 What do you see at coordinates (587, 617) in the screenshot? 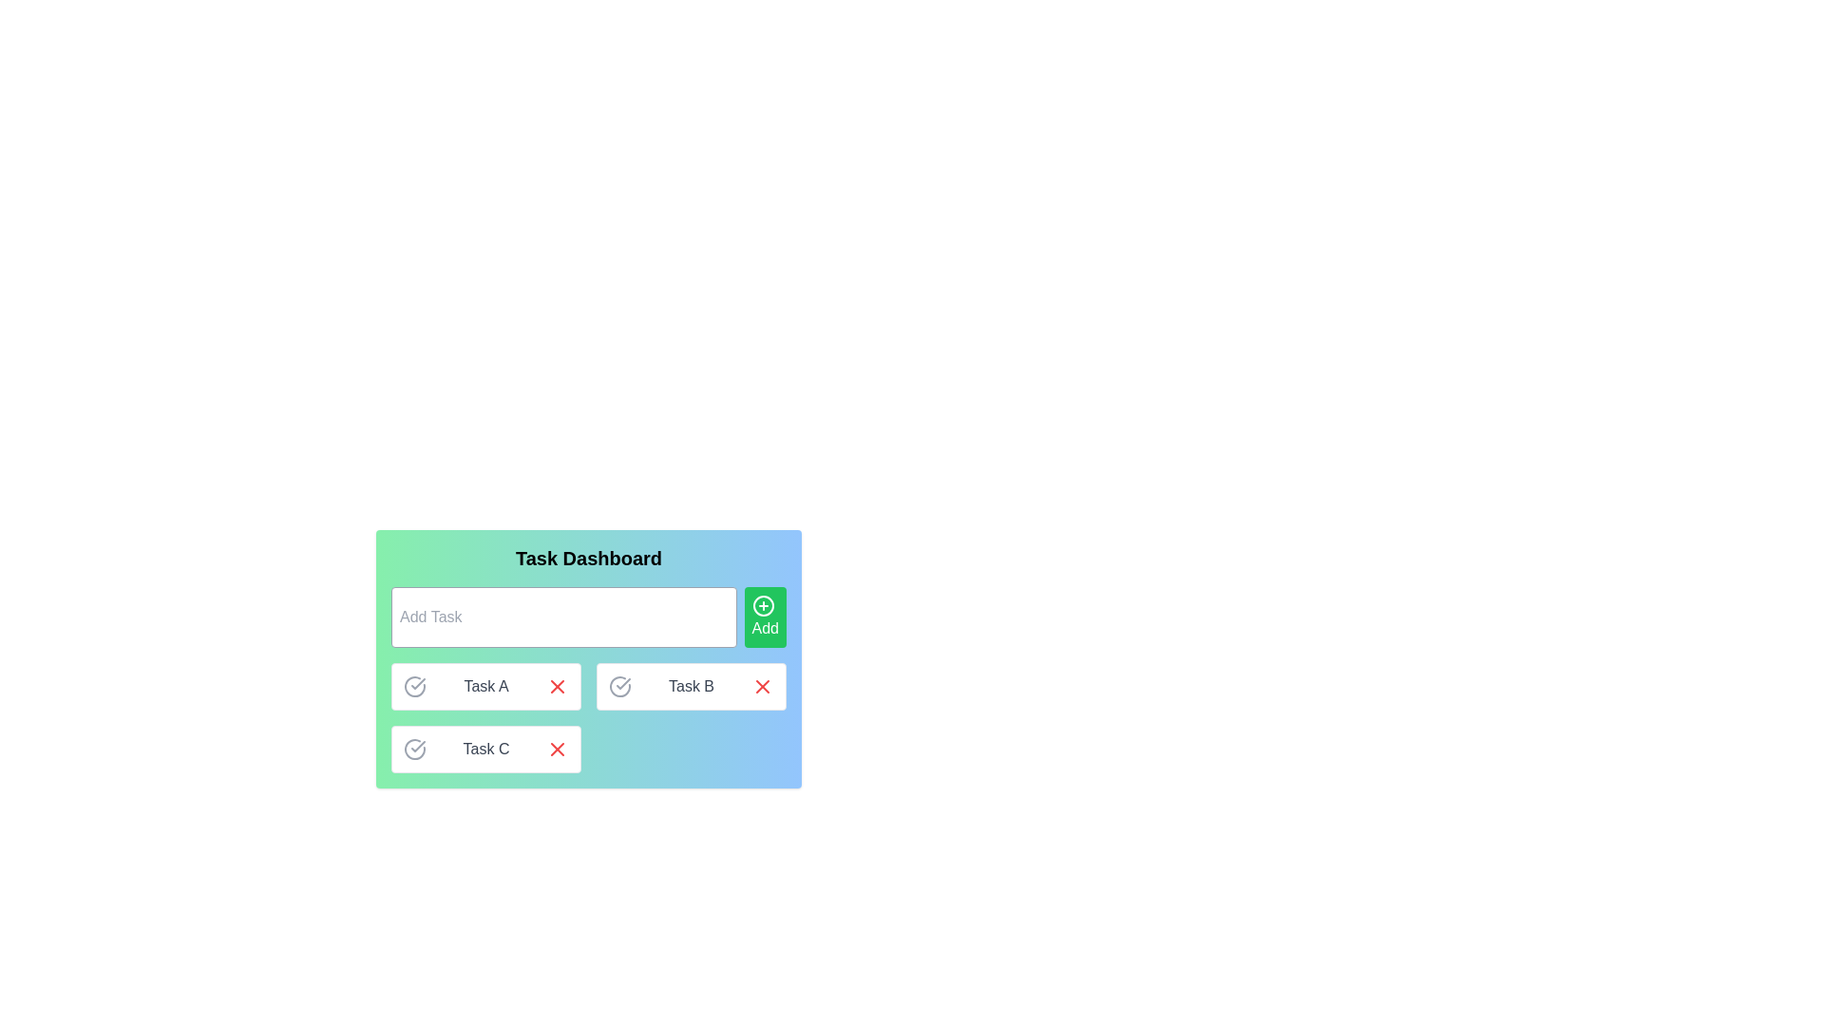
I see `the task creation input field or the 'Add' button in the task creation interface of the 'Task Dashboard' component` at bounding box center [587, 617].